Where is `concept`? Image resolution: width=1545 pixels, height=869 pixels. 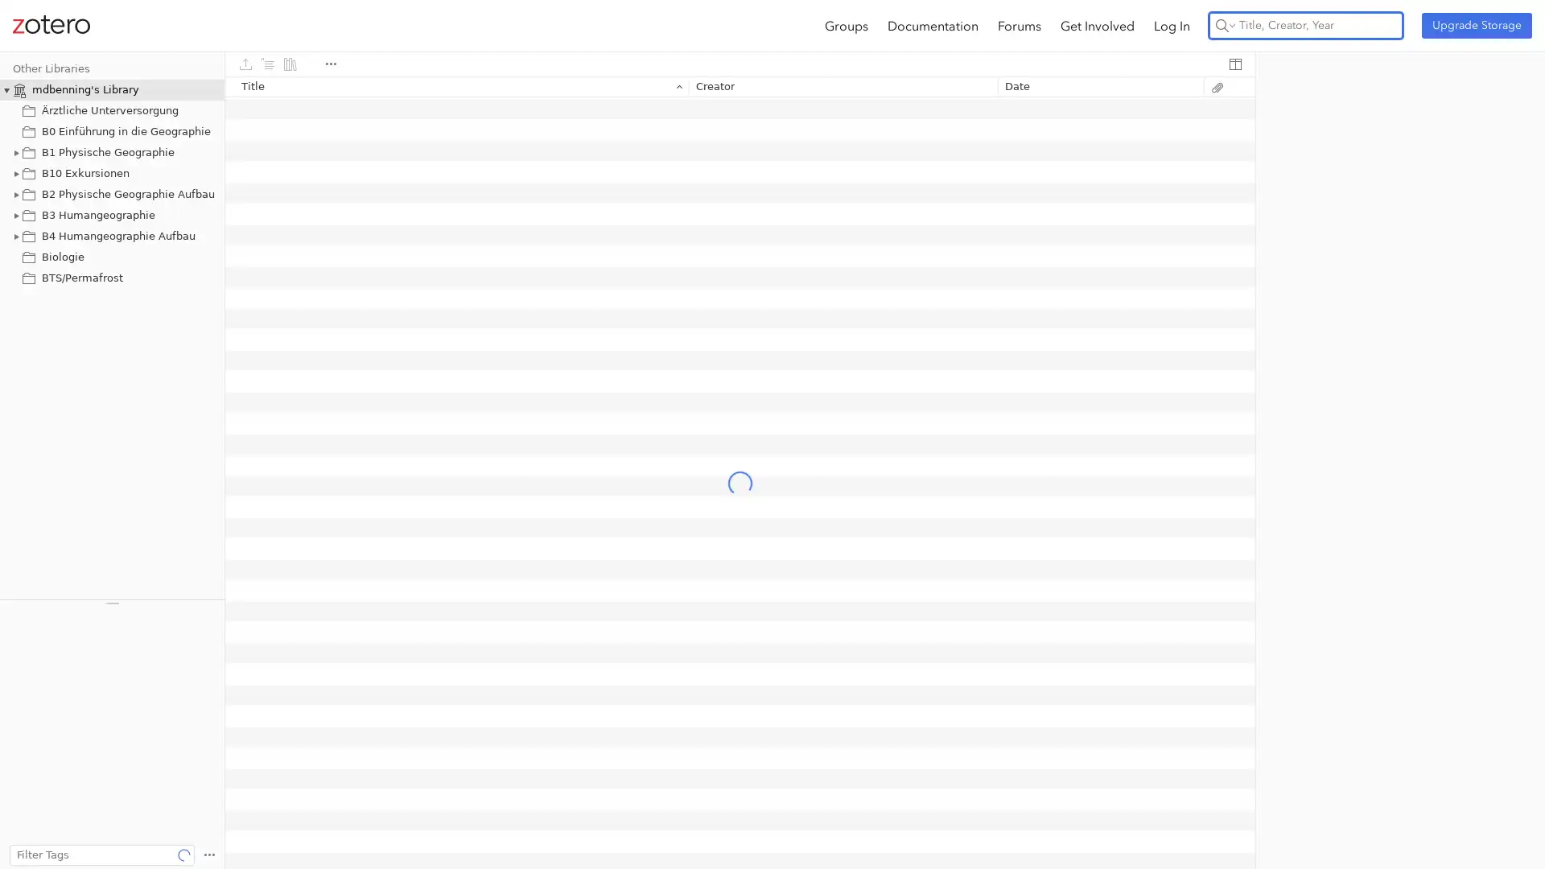
concept is located at coordinates (175, 702).